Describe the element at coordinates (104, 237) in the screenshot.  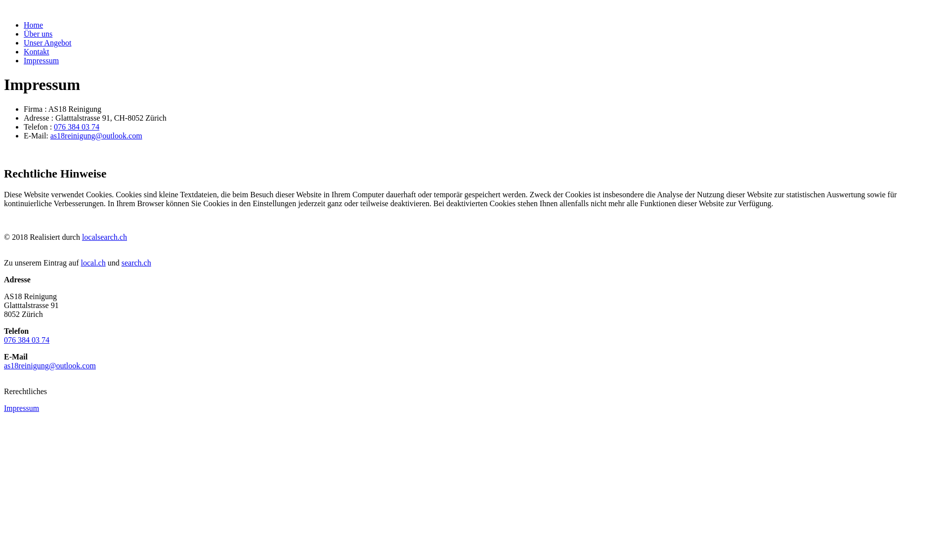
I see `'localsearch.ch'` at that location.